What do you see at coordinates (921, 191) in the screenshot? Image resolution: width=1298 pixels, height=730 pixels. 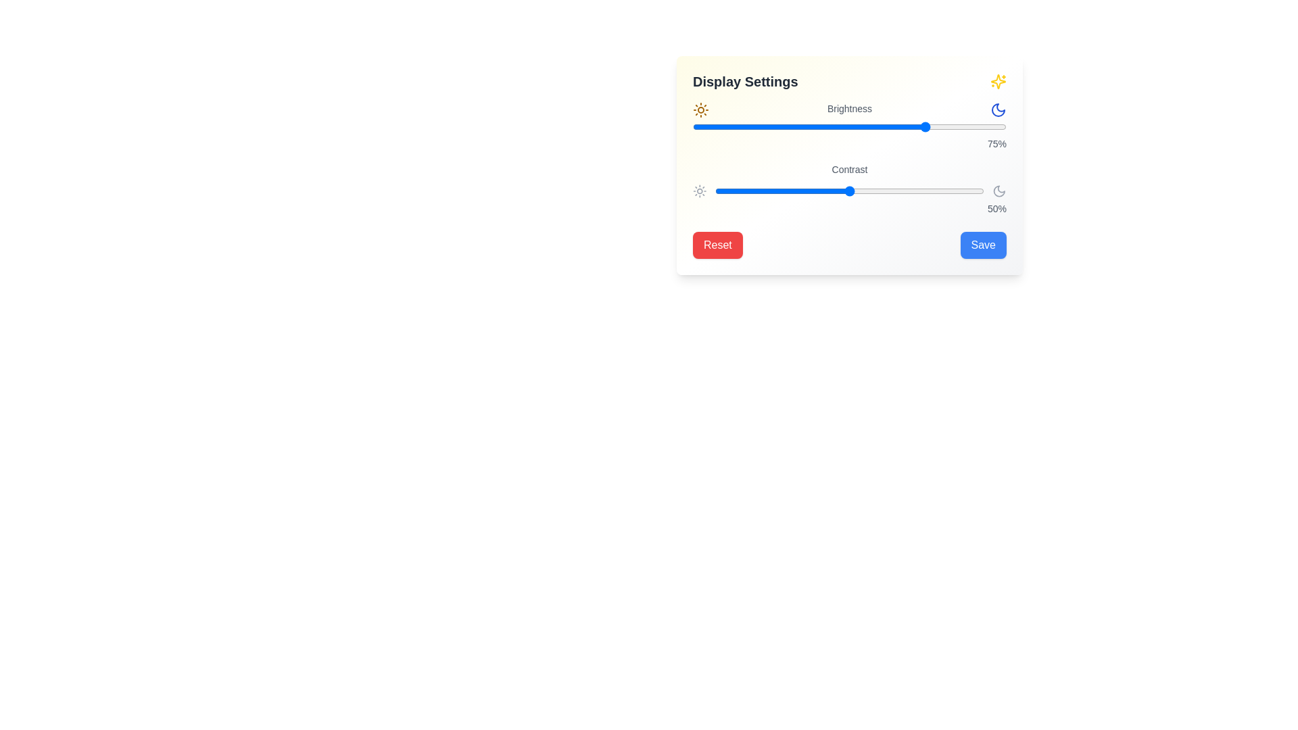 I see `contrast` at bounding box center [921, 191].